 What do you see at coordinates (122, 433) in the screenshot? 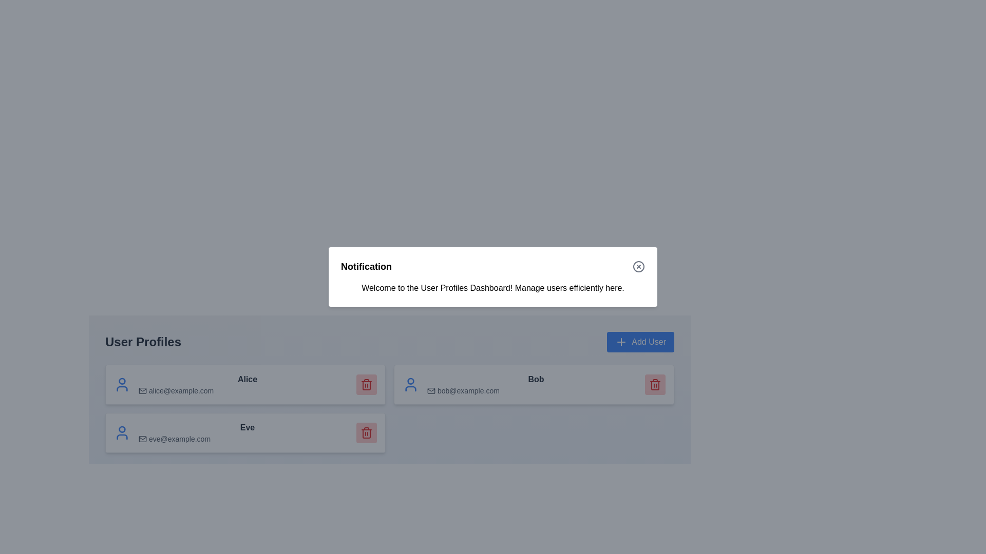
I see `the user profile icon for 'Eve' located on the far left side of its entry, directly left of the text 'Eve' and 'eve@example.com'` at bounding box center [122, 433].